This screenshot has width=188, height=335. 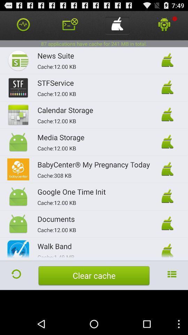 I want to click on the refresh icon, so click(x=16, y=293).